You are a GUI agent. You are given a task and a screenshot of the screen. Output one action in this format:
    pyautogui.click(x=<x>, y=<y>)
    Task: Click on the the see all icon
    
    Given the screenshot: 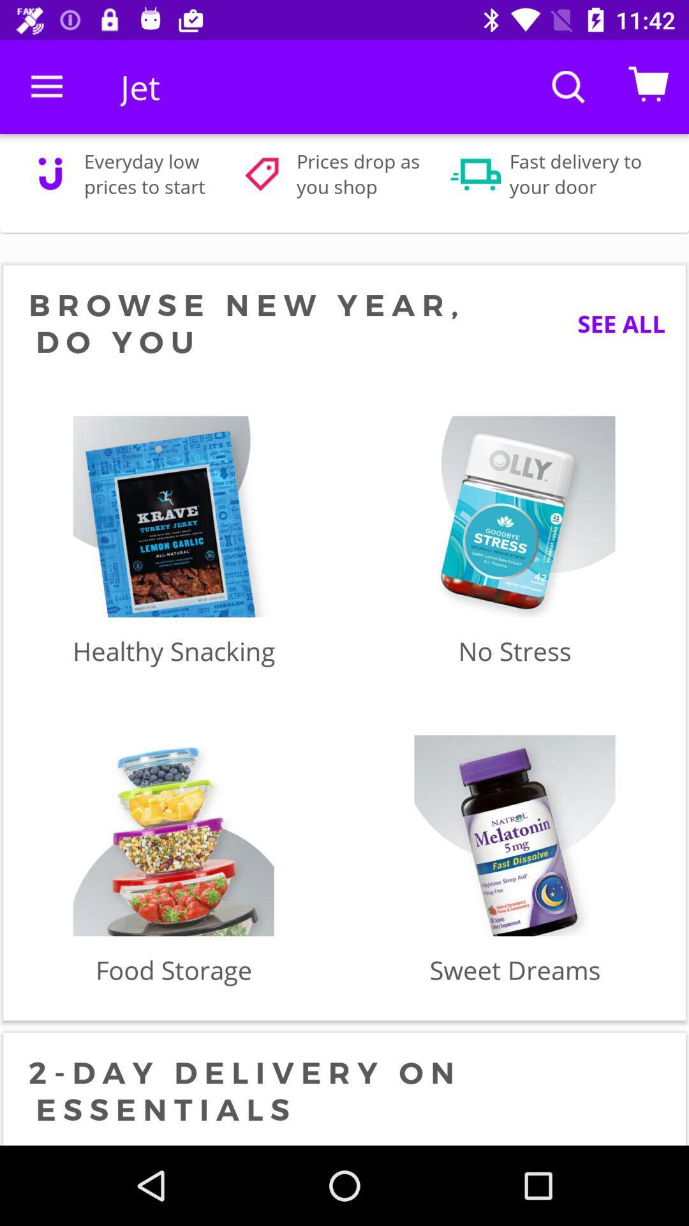 What is the action you would take?
    pyautogui.click(x=611, y=324)
    